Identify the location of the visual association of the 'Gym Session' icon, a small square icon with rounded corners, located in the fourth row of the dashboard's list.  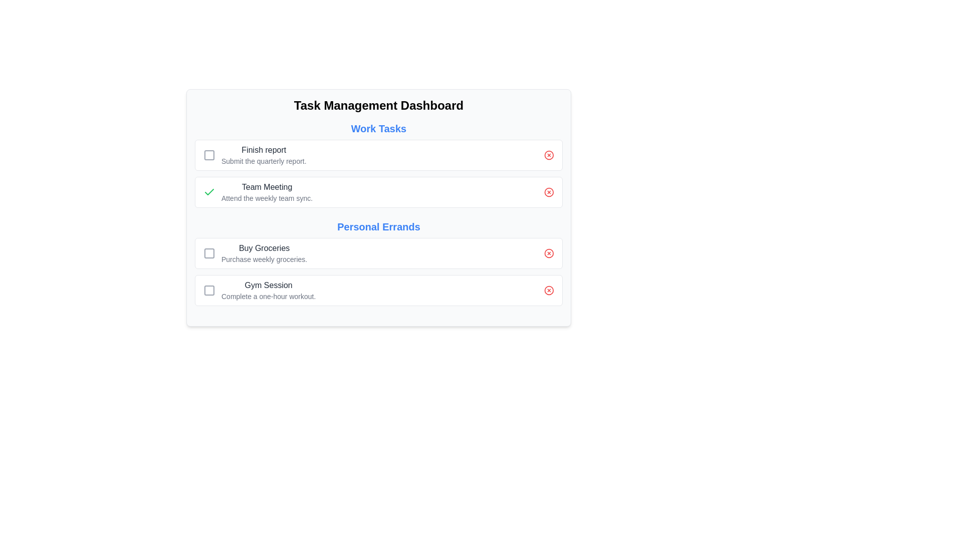
(208, 290).